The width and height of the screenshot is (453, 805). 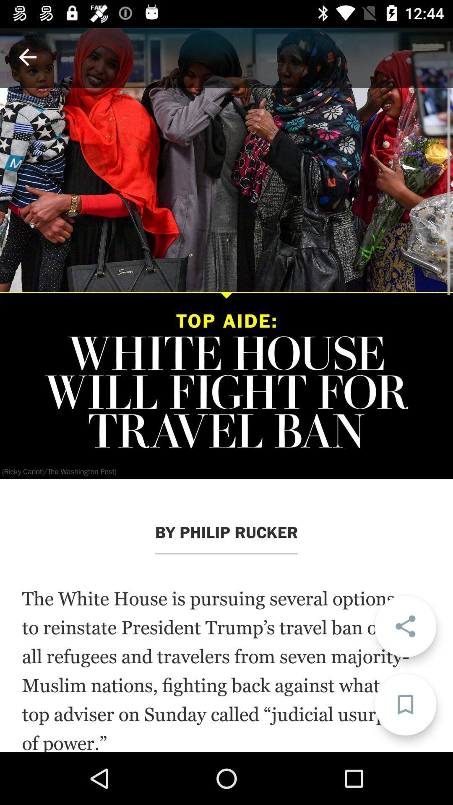 What do you see at coordinates (27, 57) in the screenshot?
I see `the arrow_backward icon` at bounding box center [27, 57].